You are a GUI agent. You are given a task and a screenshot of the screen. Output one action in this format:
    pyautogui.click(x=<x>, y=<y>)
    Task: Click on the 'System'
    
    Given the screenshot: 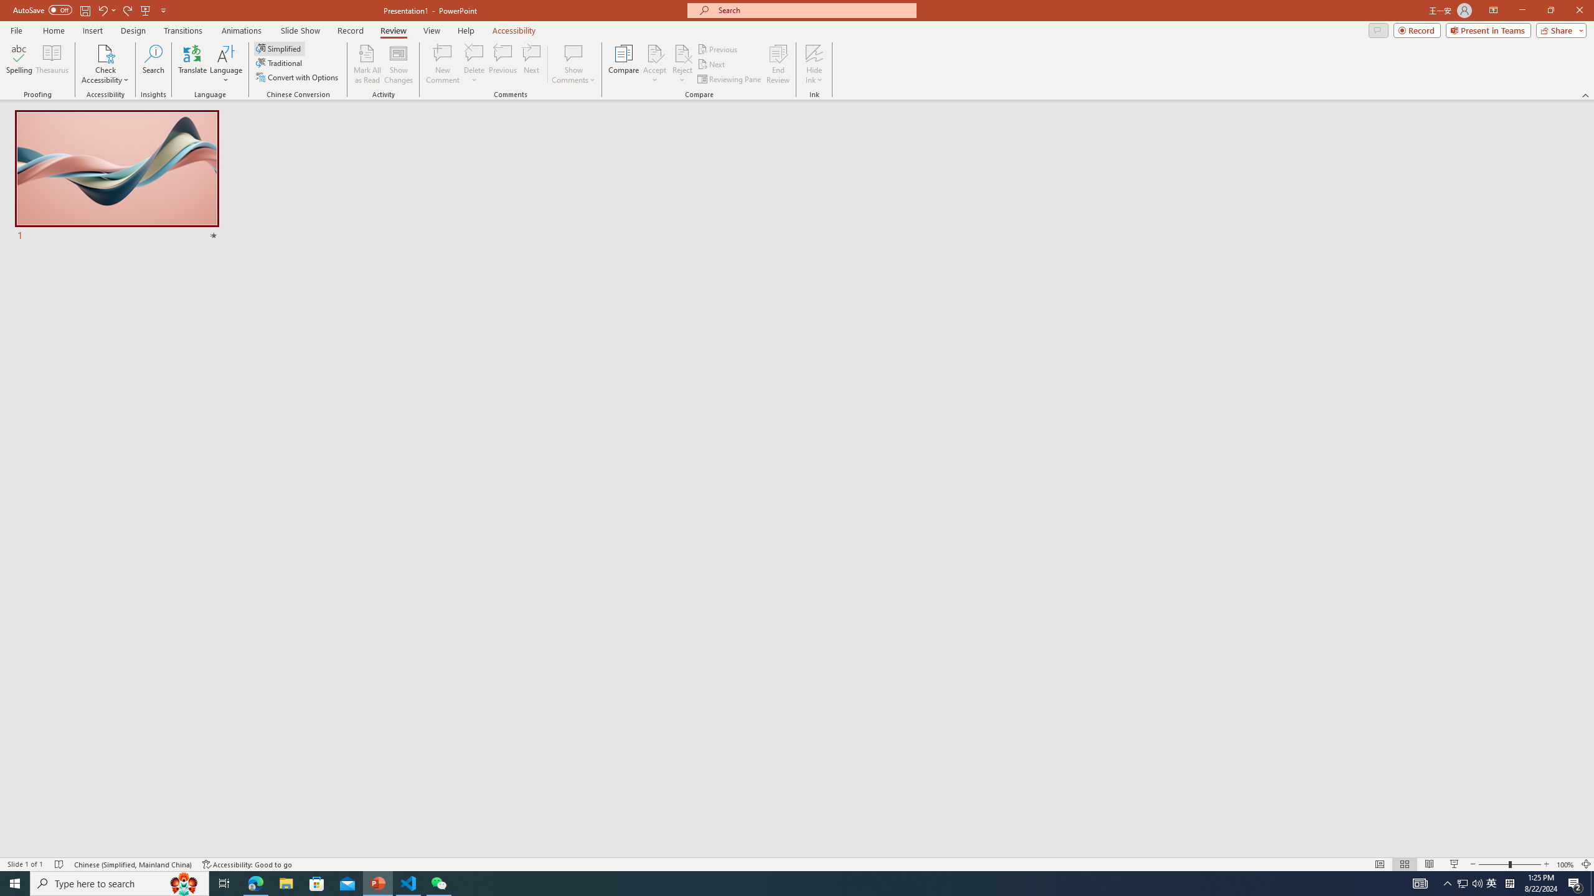 What is the action you would take?
    pyautogui.click(x=7, y=6)
    